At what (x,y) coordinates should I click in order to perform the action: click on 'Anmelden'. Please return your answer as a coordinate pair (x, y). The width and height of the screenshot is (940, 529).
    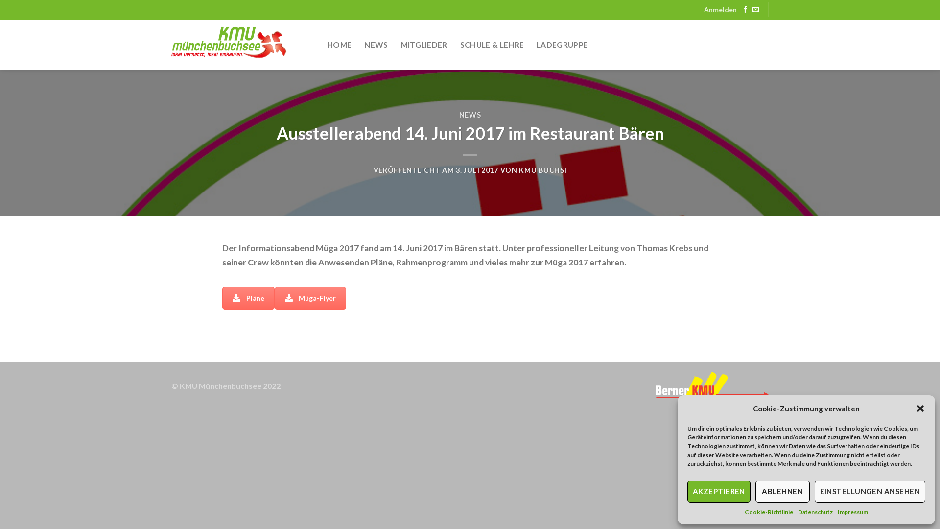
    Looking at the image, I should click on (720, 10).